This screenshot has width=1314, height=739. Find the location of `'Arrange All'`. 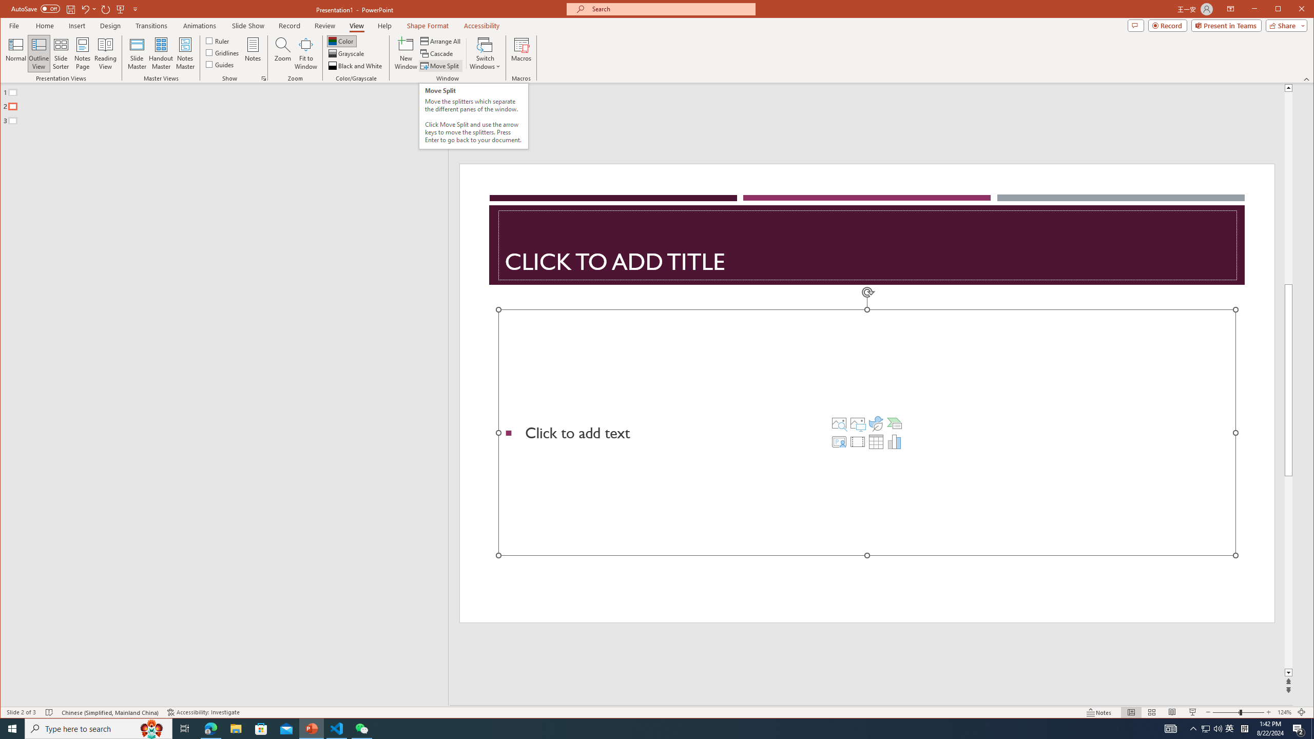

'Arrange All' is located at coordinates (441, 41).